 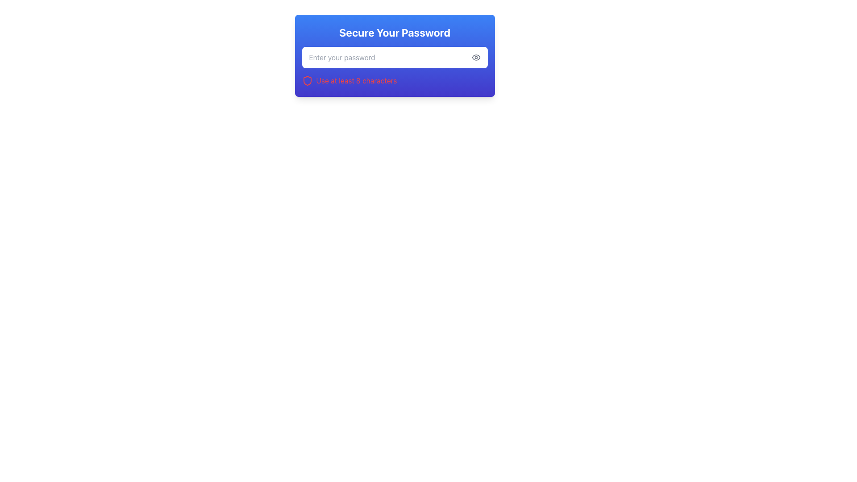 What do you see at coordinates (394, 32) in the screenshot?
I see `the Text heading that serves as a title for the section, positioned above the input field within the blue card interface` at bounding box center [394, 32].